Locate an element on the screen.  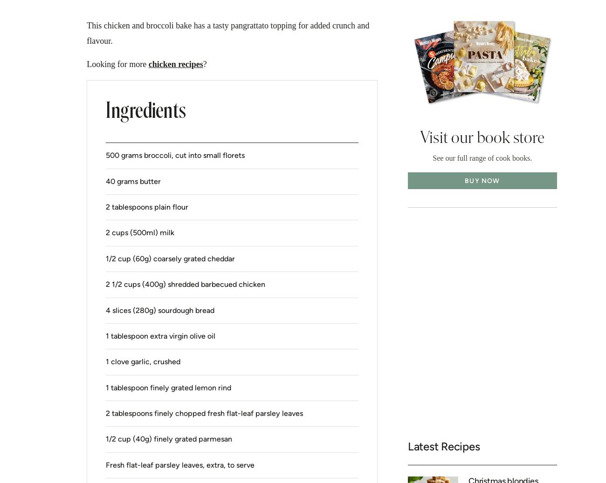
'chicken recipes' is located at coordinates (175, 63).